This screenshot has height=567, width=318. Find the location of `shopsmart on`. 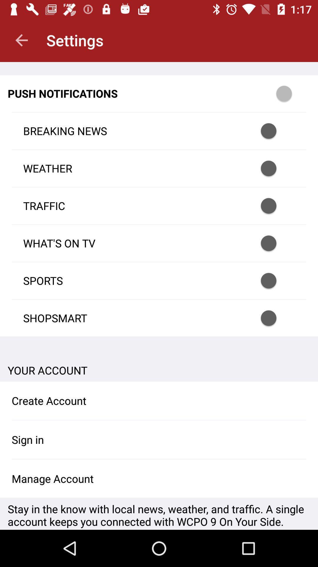

shopsmart on is located at coordinates (276, 318).